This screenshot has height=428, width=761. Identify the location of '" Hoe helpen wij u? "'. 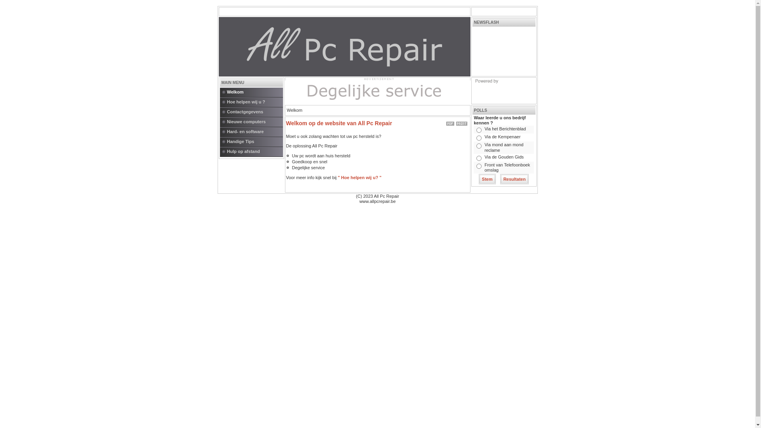
(359, 177).